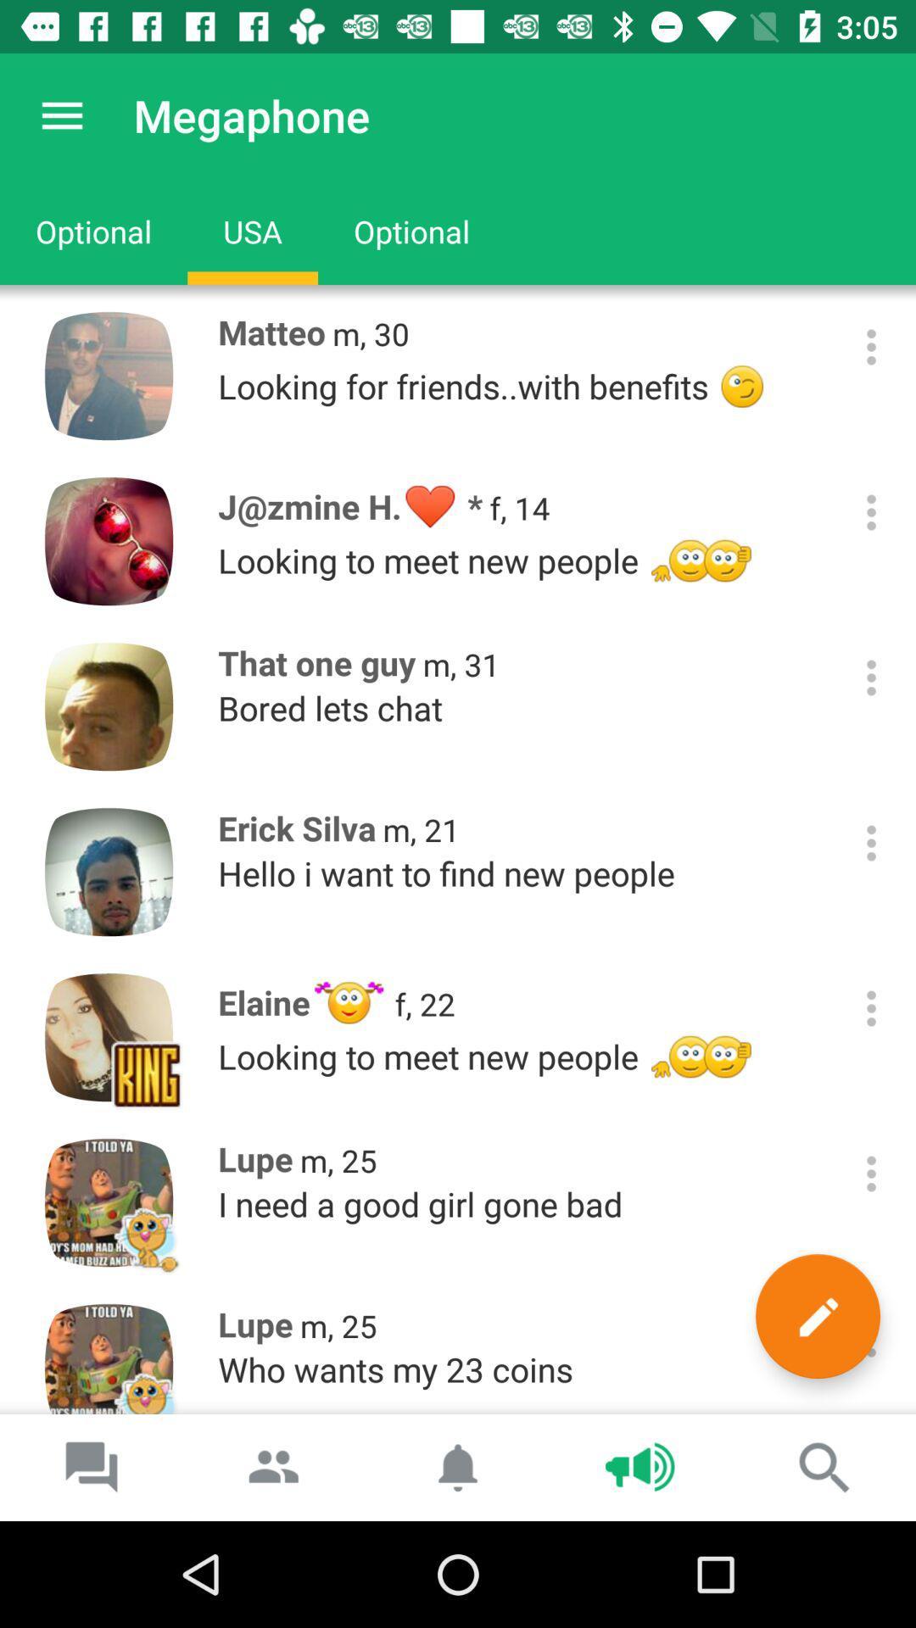 Image resolution: width=916 pixels, height=1628 pixels. Describe the element at coordinates (871, 346) in the screenshot. I see `open sub-menu` at that location.